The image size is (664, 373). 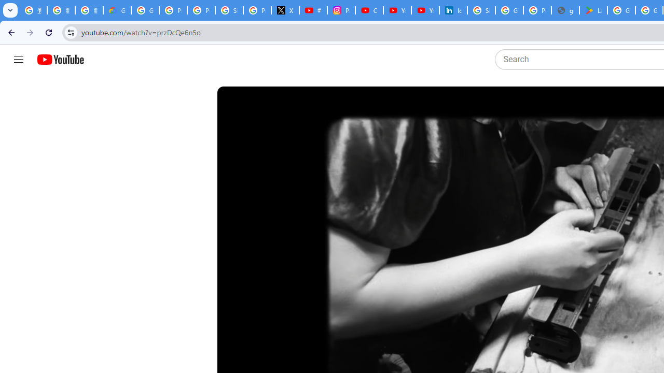 What do you see at coordinates (60, 60) in the screenshot?
I see `'YouTube Home'` at bounding box center [60, 60].